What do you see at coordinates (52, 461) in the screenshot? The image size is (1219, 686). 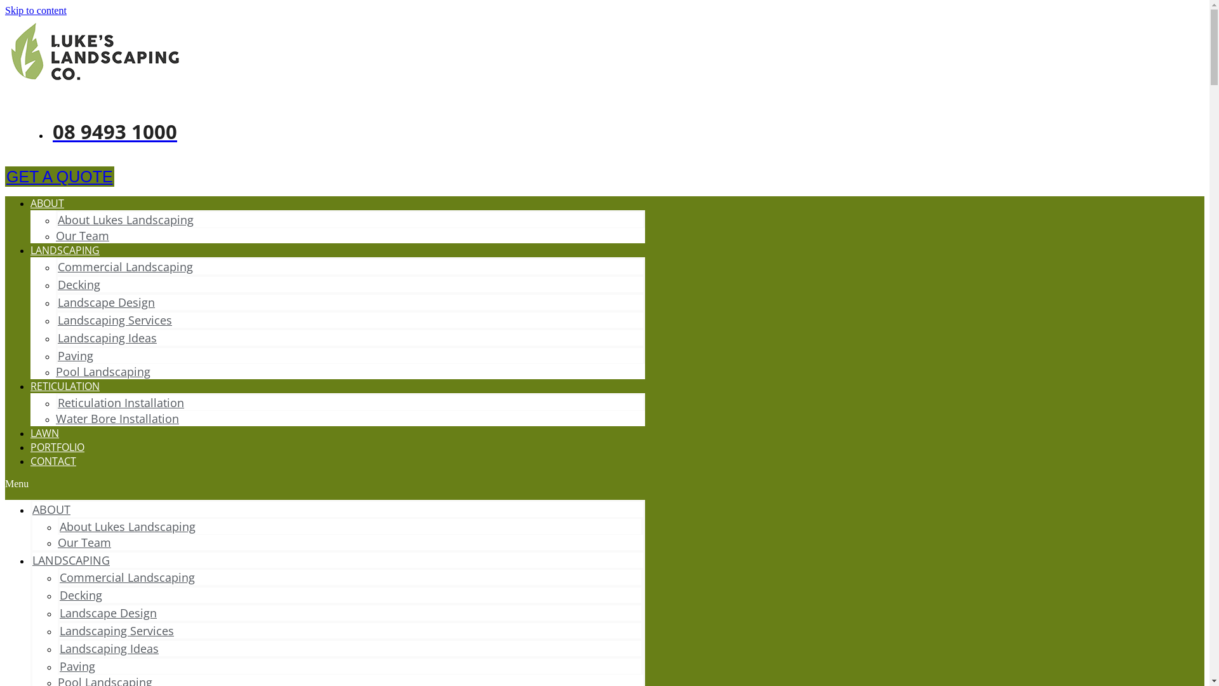 I see `'CONTACT'` at bounding box center [52, 461].